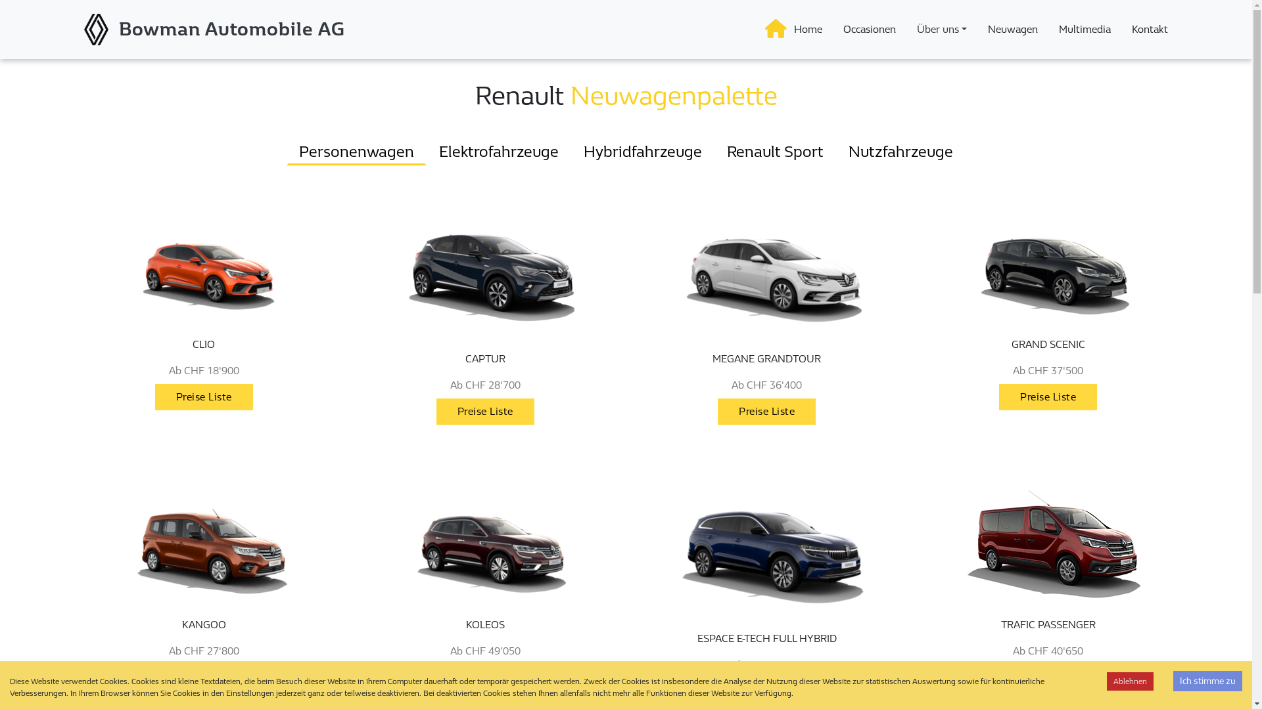 This screenshot has height=709, width=1262. I want to click on 'Preise Liste', so click(484, 411).